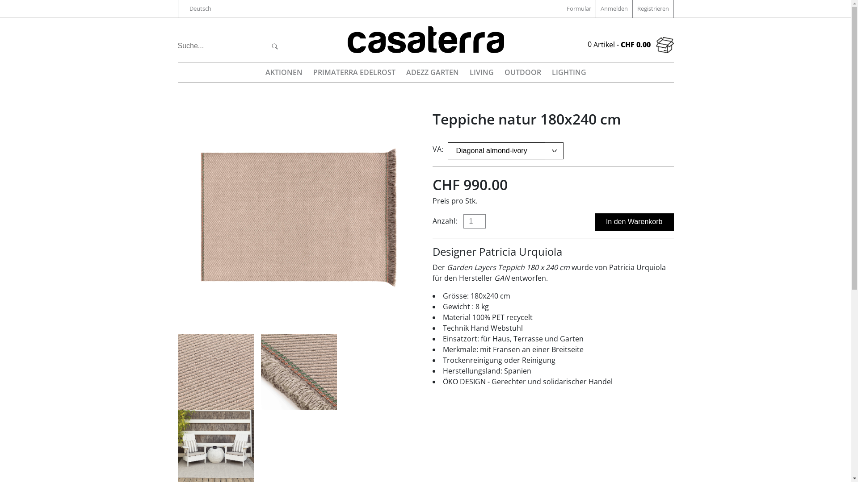 The image size is (858, 482). What do you see at coordinates (578, 8) in the screenshot?
I see `'Formular'` at bounding box center [578, 8].